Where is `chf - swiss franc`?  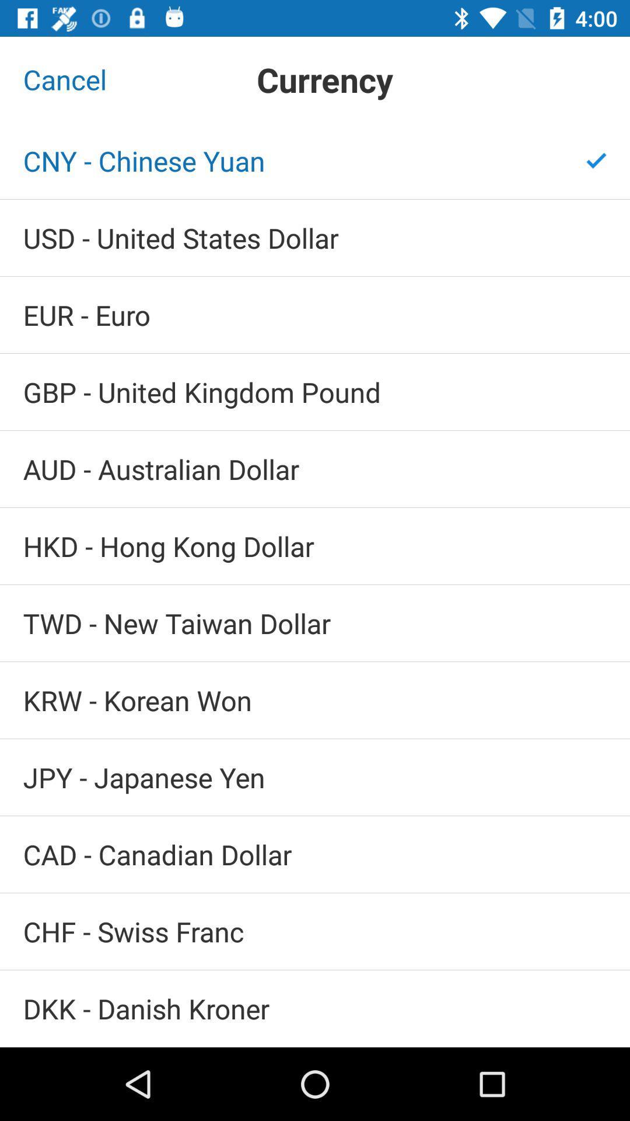
chf - swiss franc is located at coordinates (315, 931).